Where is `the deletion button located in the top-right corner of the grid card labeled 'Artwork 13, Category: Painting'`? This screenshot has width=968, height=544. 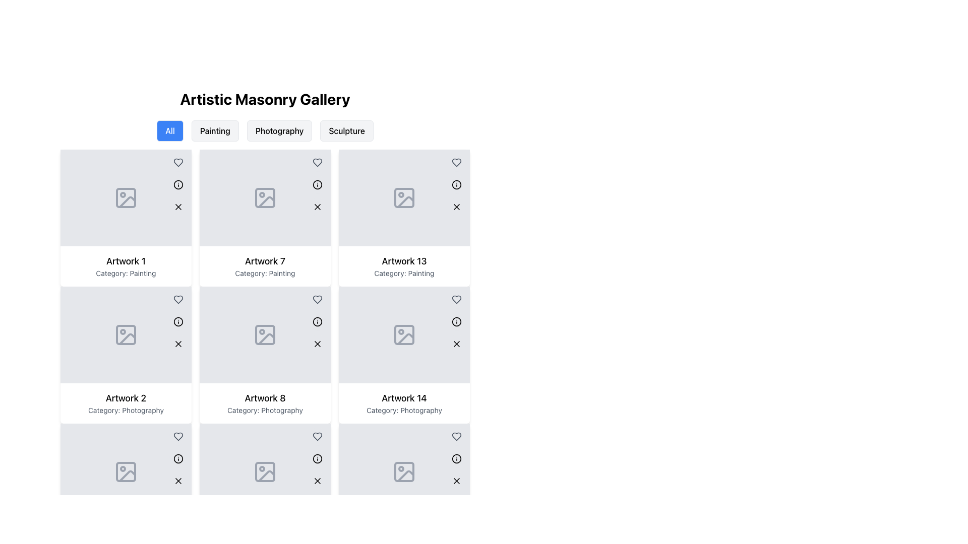
the deletion button located in the top-right corner of the grid card labeled 'Artwork 13, Category: Painting' is located at coordinates (456, 343).